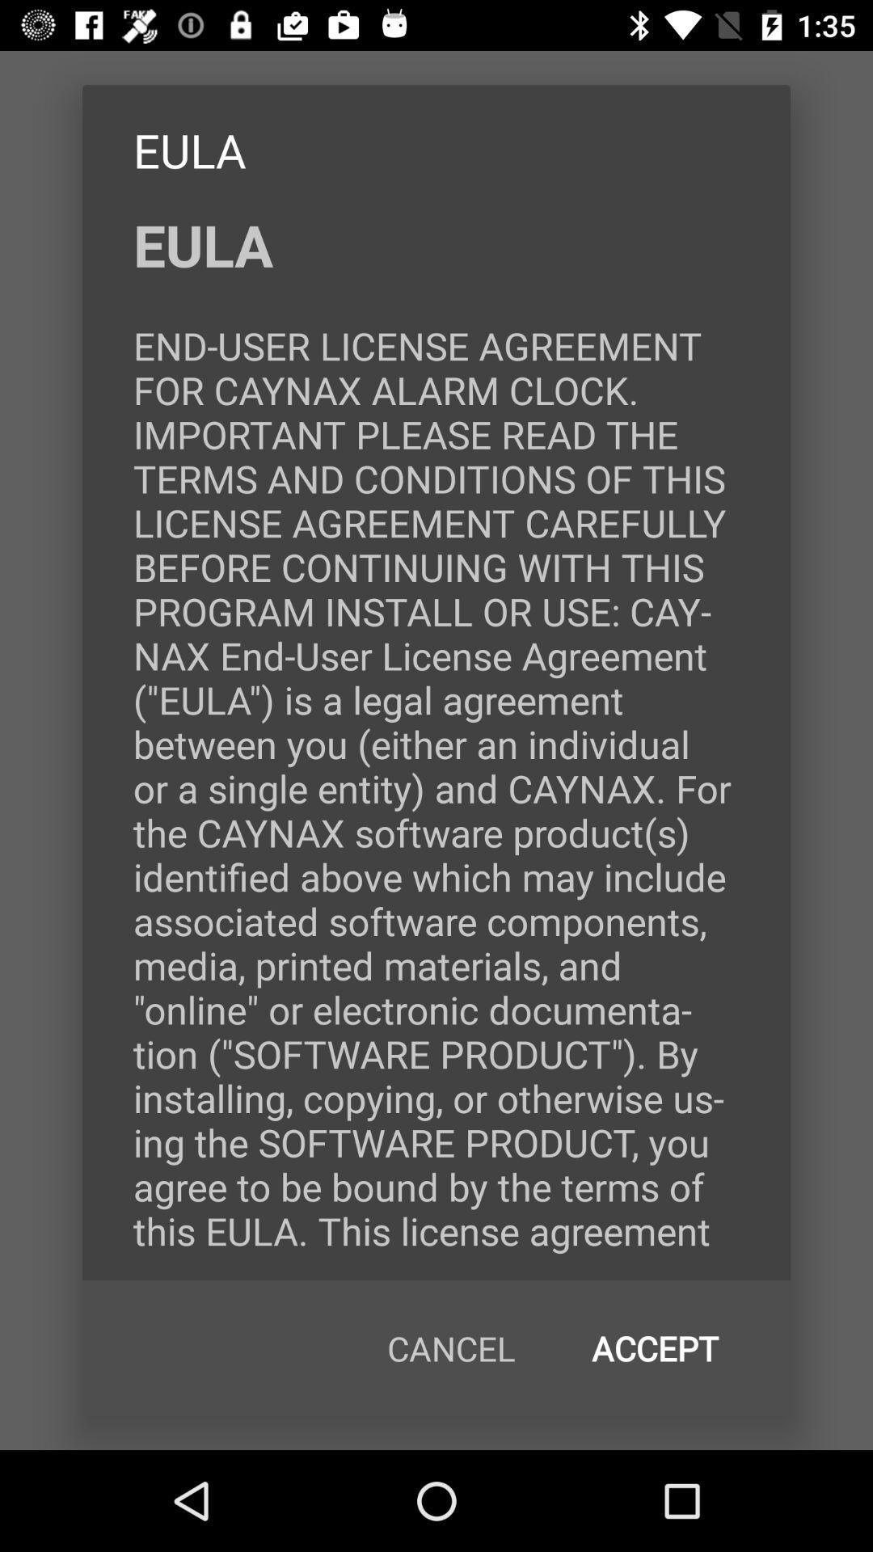 This screenshot has height=1552, width=873. I want to click on accept, so click(655, 1348).